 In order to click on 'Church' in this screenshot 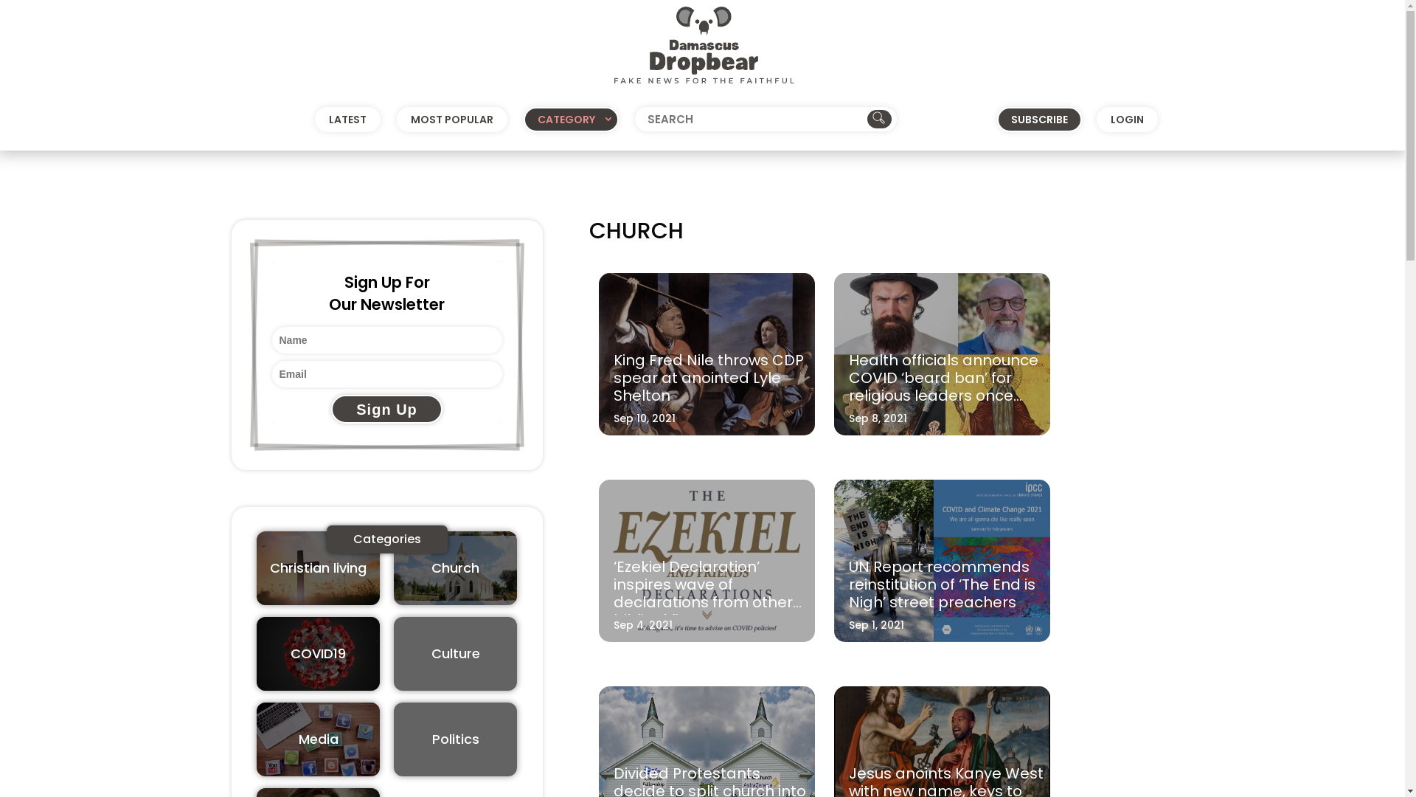, I will do `click(454, 567)`.